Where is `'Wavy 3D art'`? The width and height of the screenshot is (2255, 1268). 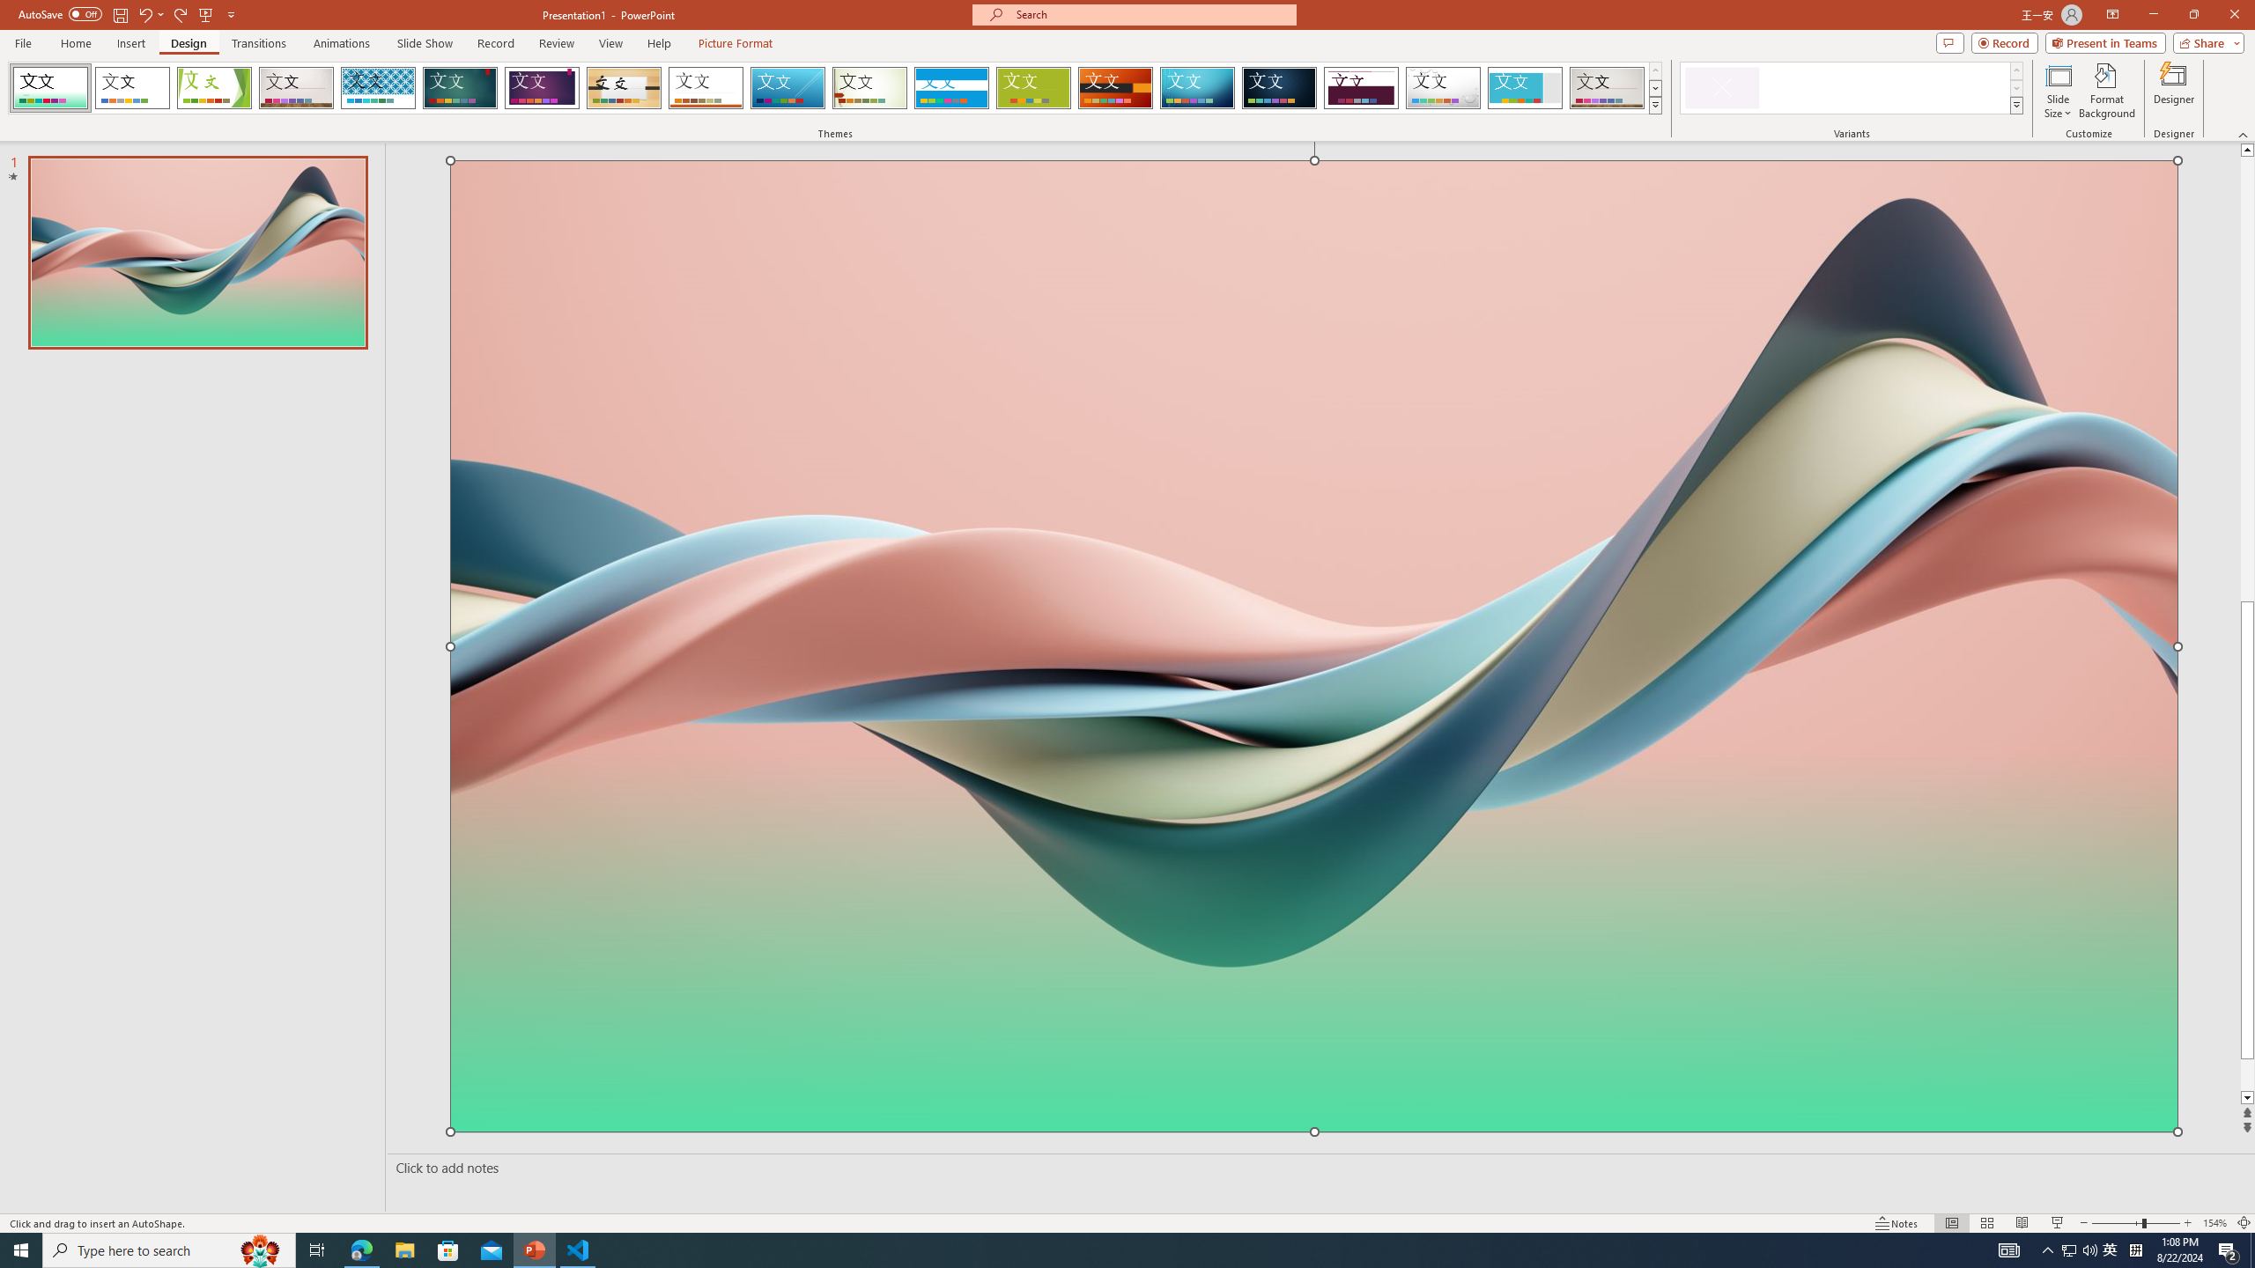
'Wavy 3D art' is located at coordinates (1313, 645).